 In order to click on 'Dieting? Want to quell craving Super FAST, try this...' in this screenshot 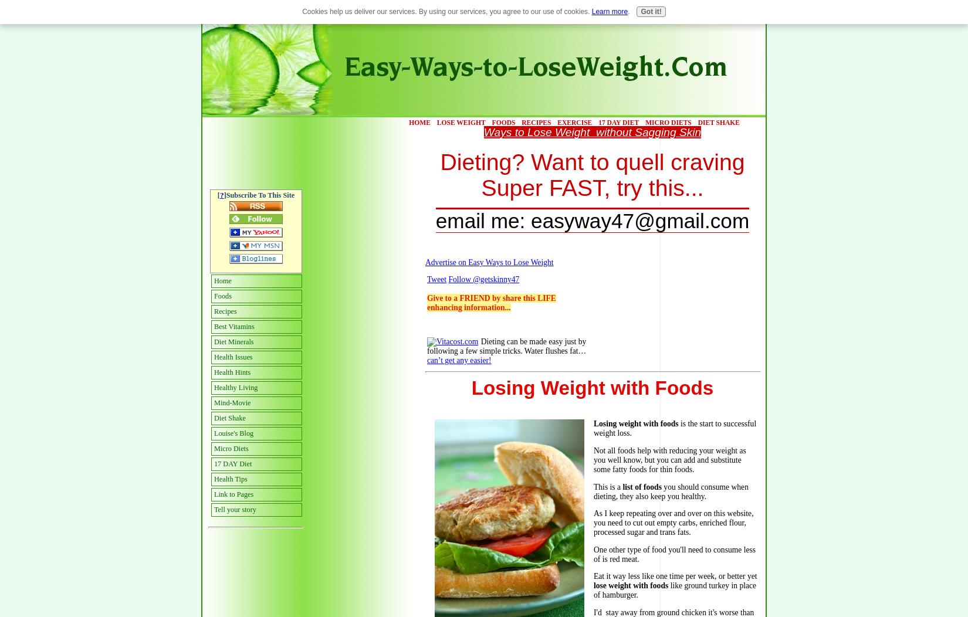, I will do `click(592, 175)`.